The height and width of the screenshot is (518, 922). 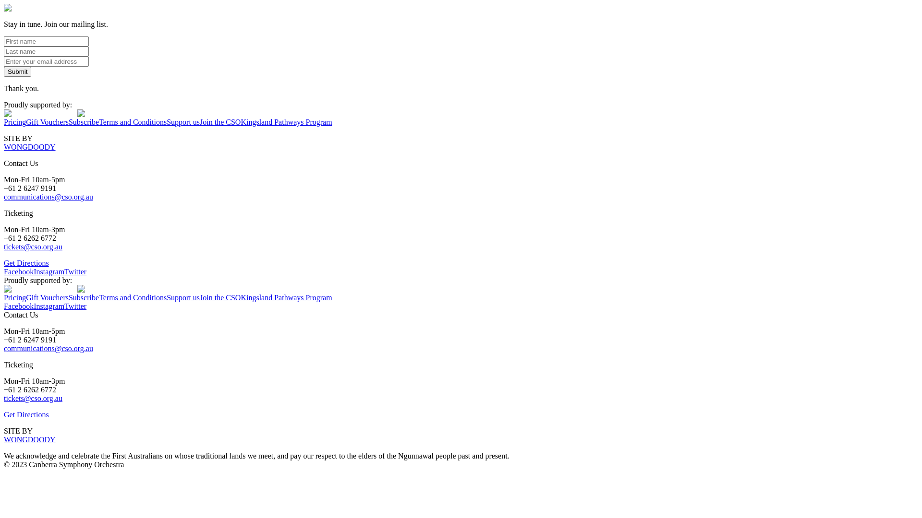 What do you see at coordinates (18, 271) in the screenshot?
I see `'Facebook'` at bounding box center [18, 271].